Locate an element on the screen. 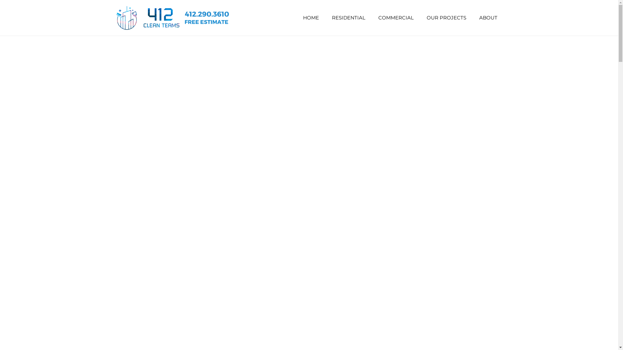  'OUR PROJECTS' is located at coordinates (420, 17).